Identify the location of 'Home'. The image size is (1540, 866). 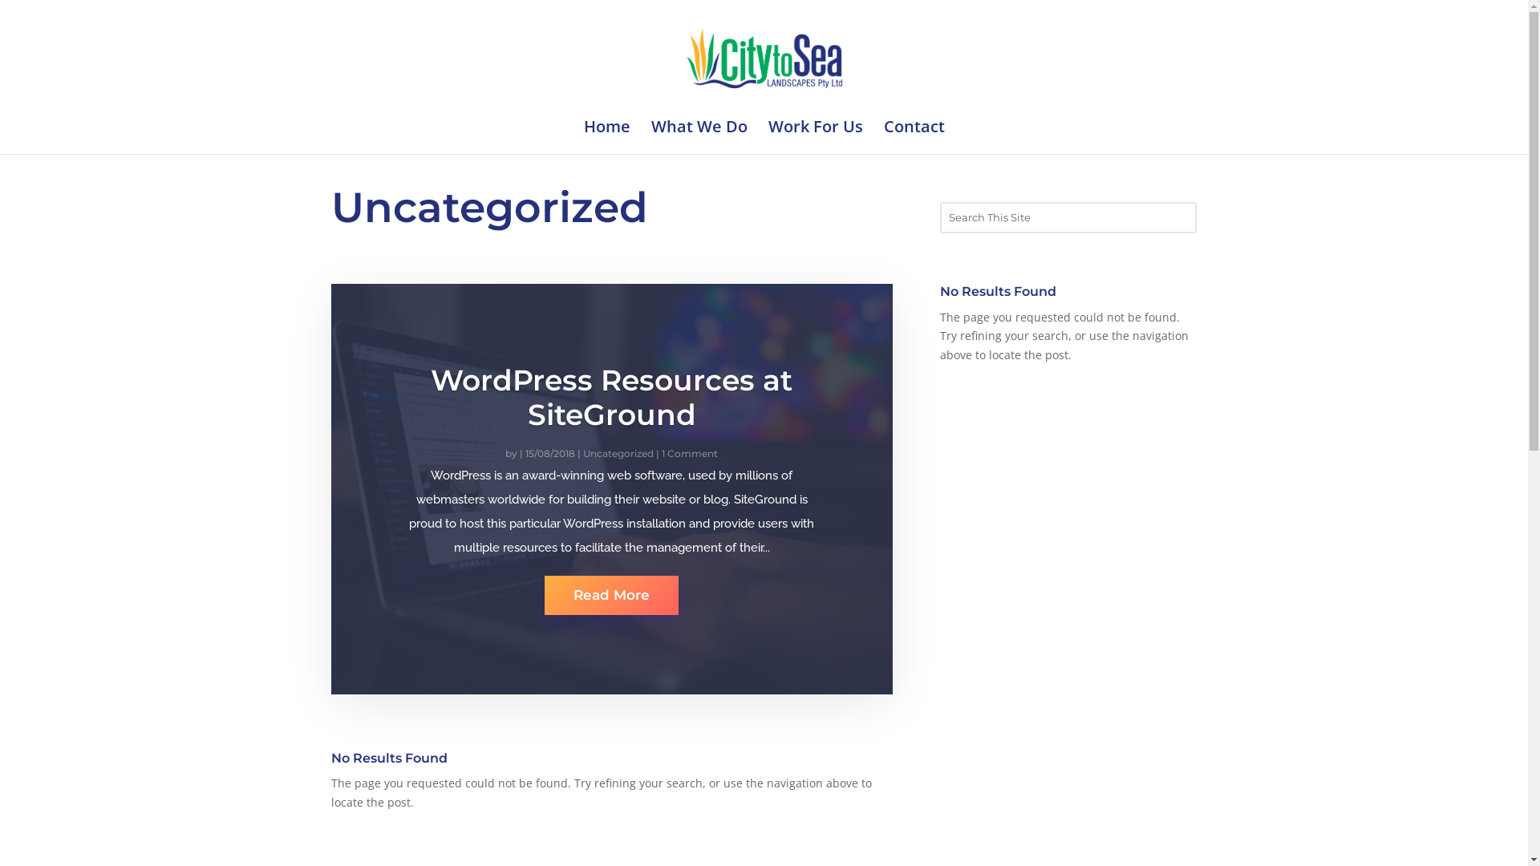
(583, 136).